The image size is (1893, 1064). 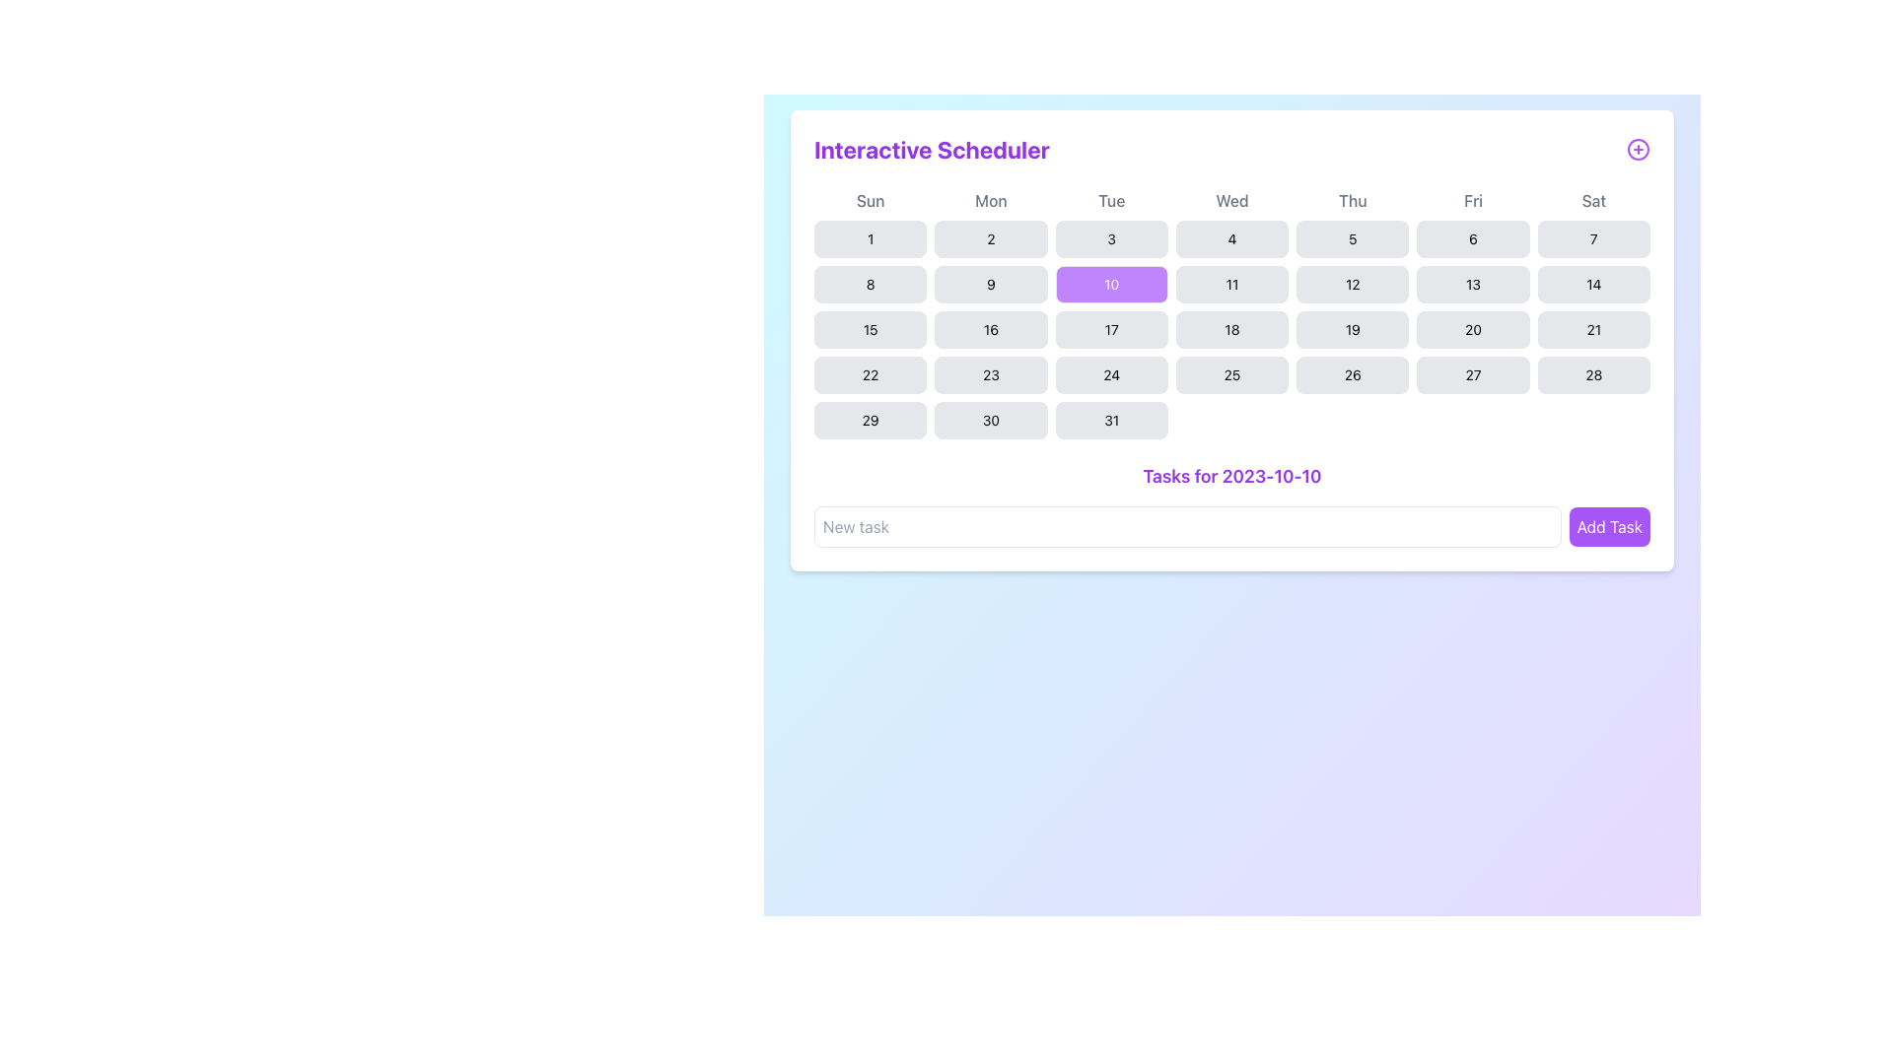 I want to click on text from the text label displaying 'Mon', which is the second item in the header row of days in the calendar view, located centrally near the top between 'Sun' and 'Tue', so click(x=991, y=201).